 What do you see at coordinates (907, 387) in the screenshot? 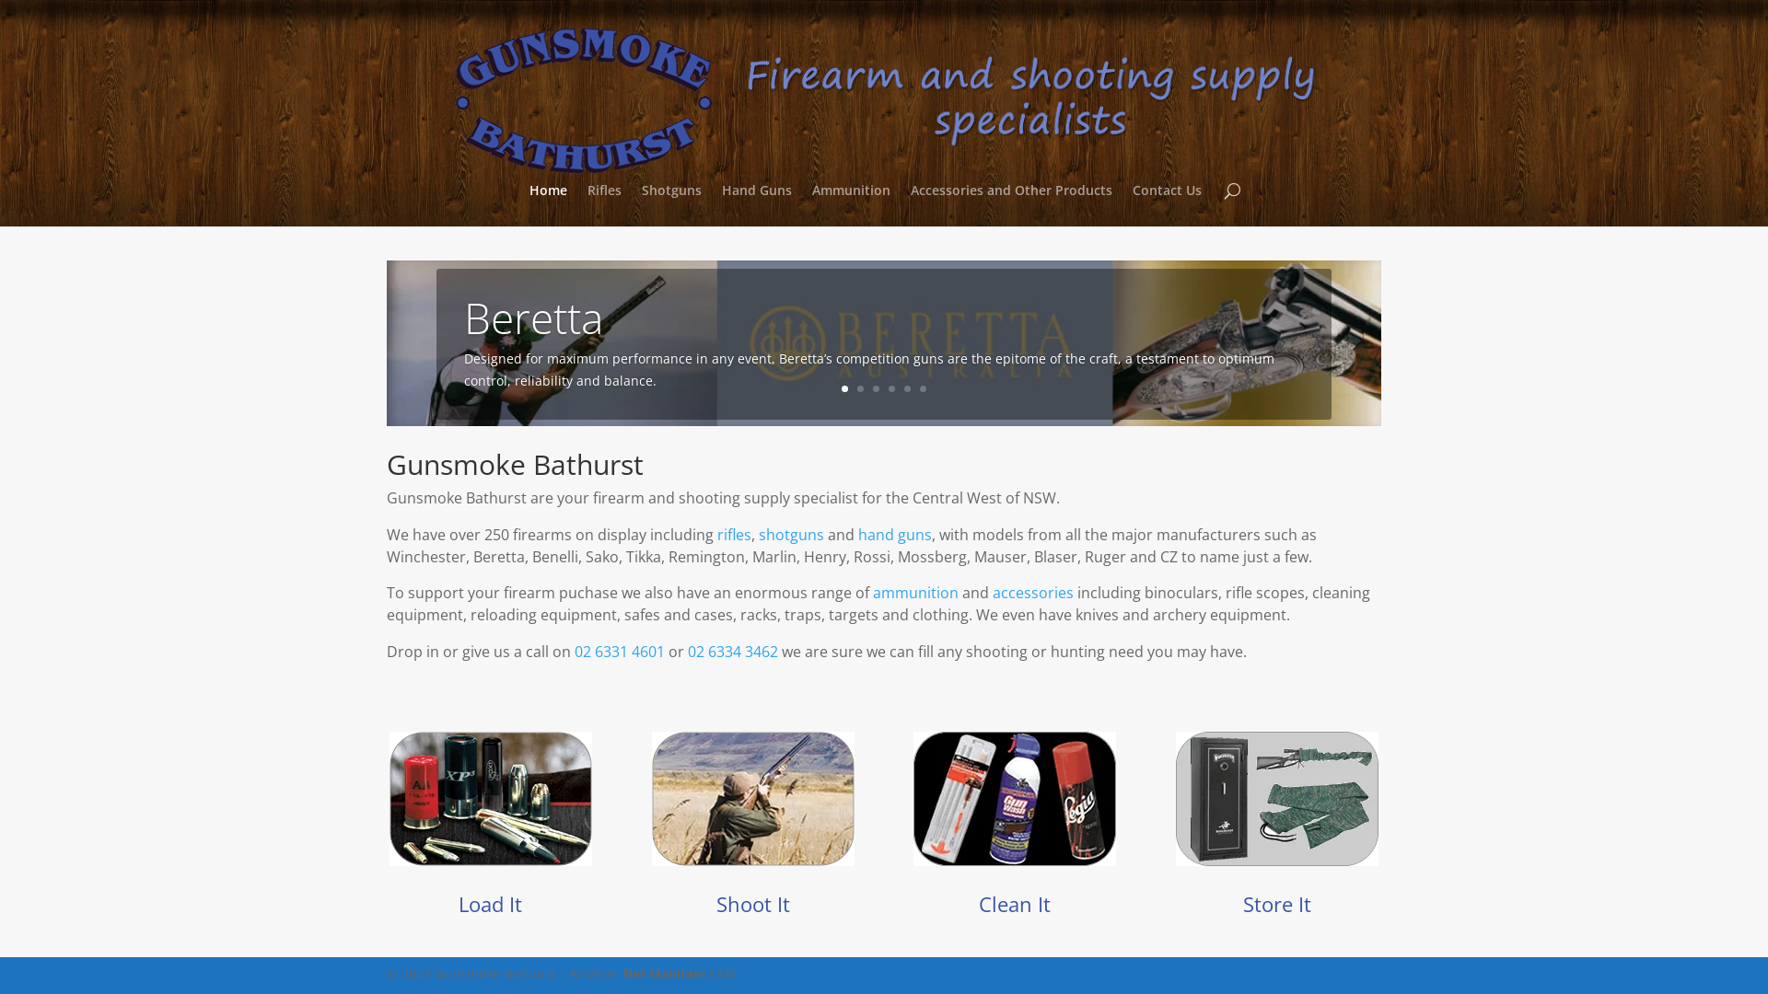
I see `'5'` at bounding box center [907, 387].